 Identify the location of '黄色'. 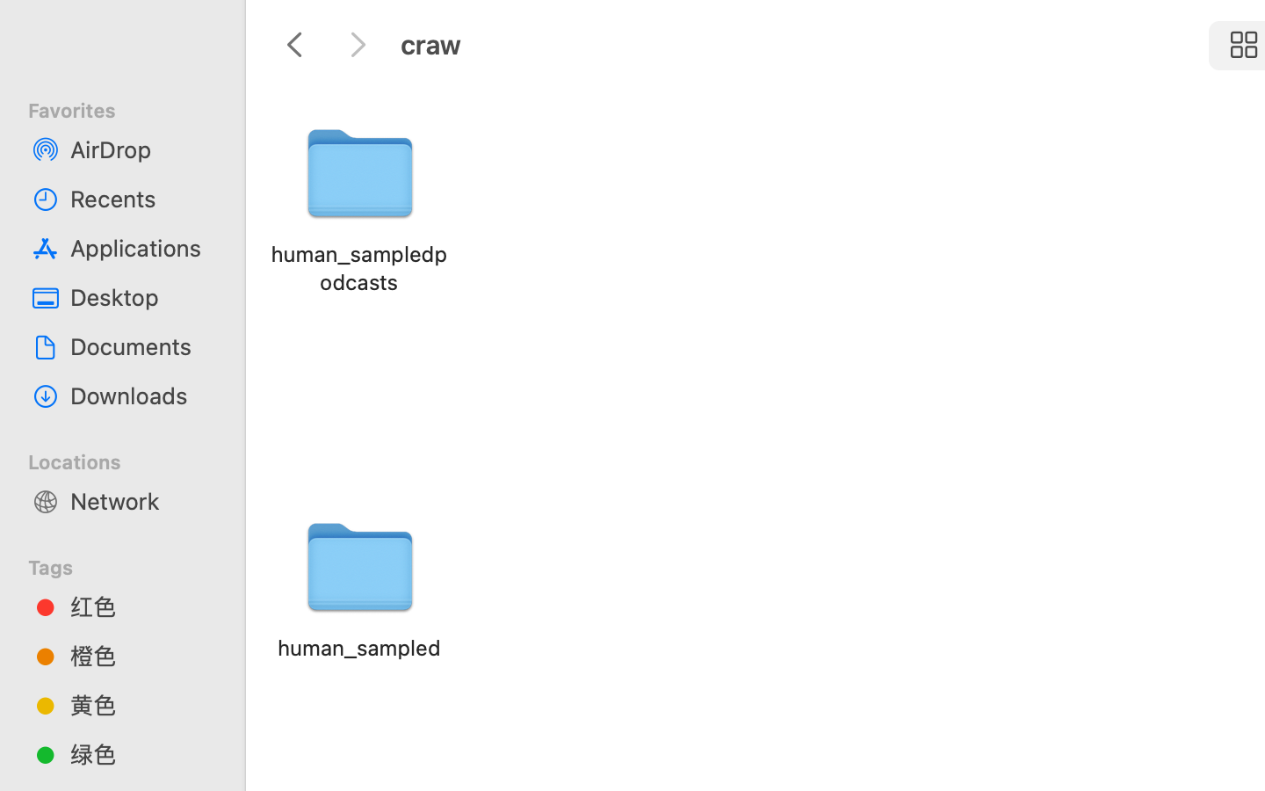
(140, 704).